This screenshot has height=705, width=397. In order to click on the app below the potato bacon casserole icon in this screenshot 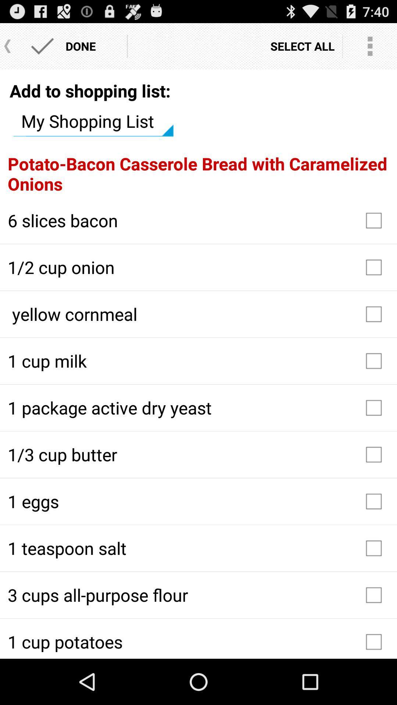, I will do `click(198, 220)`.